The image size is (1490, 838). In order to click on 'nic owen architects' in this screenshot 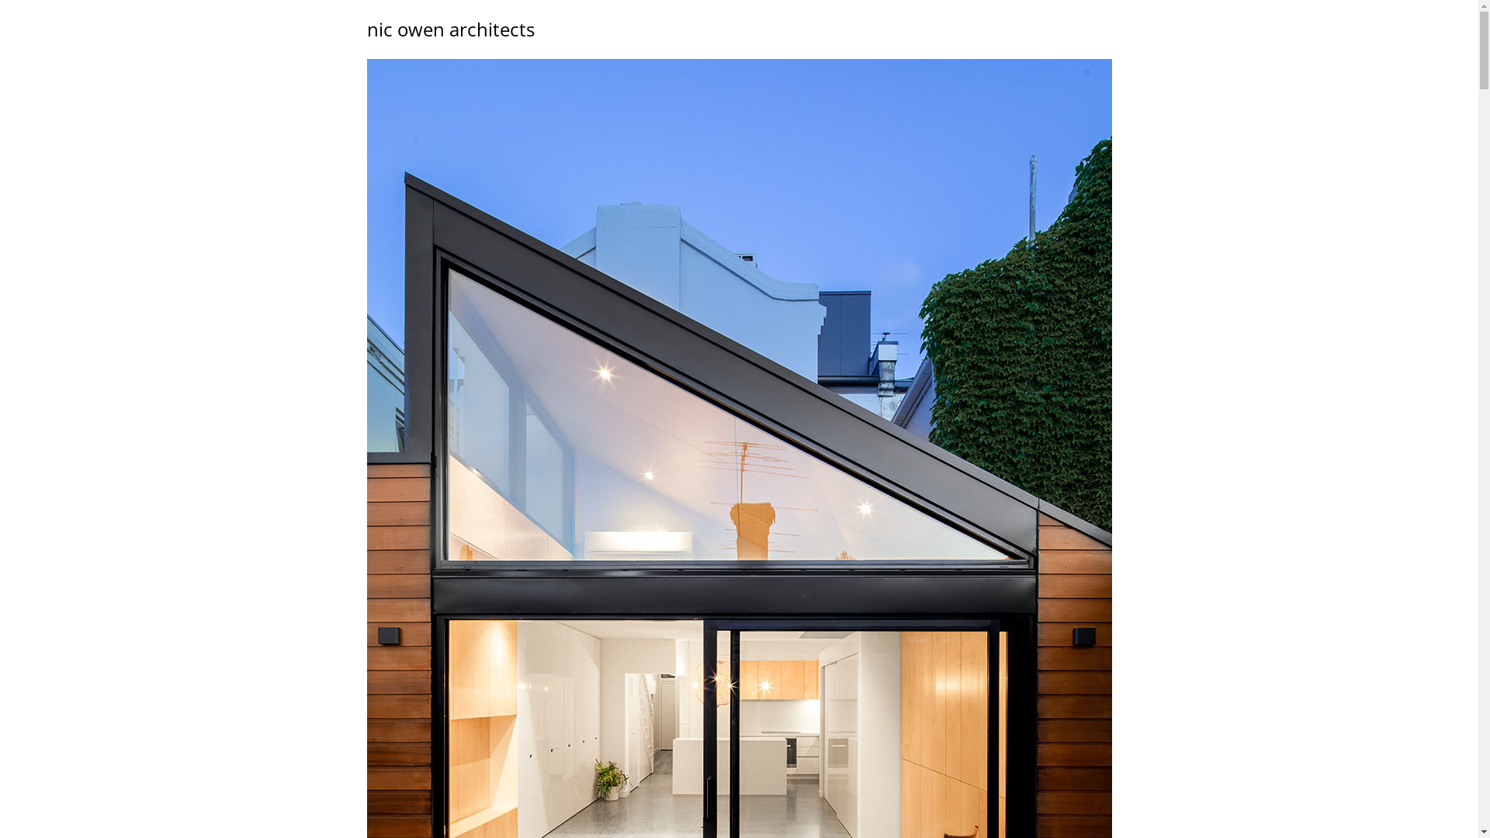, I will do `click(449, 29)`.